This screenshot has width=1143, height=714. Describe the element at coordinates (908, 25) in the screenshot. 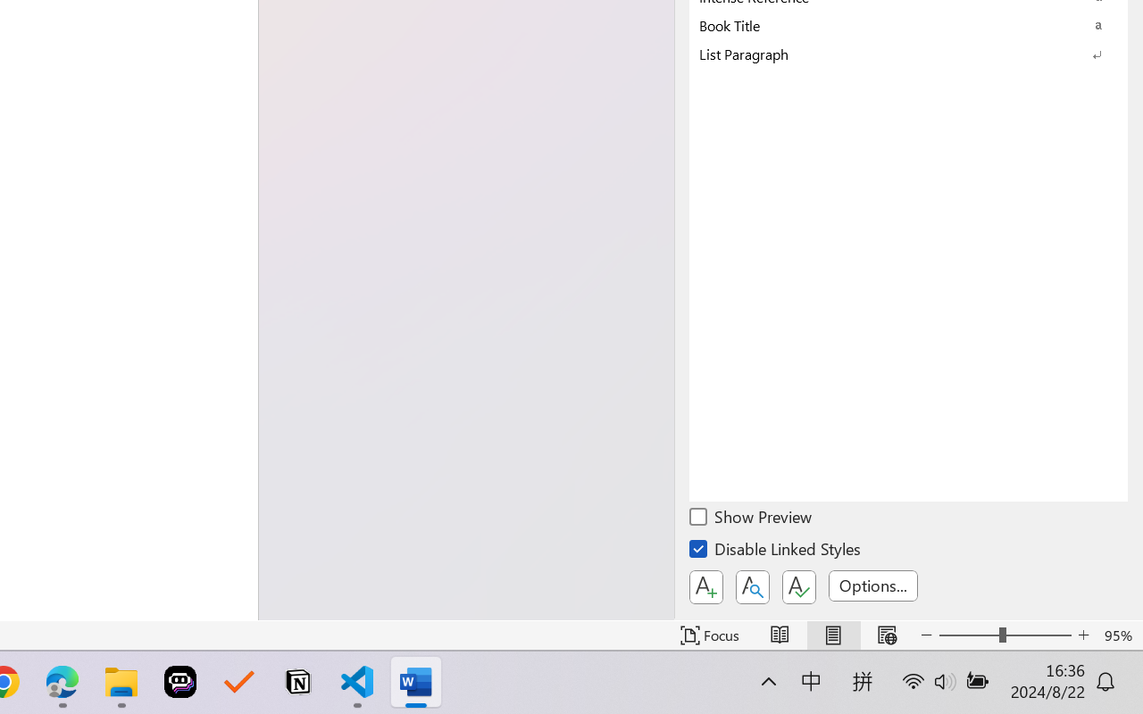

I see `'Book Title'` at that location.